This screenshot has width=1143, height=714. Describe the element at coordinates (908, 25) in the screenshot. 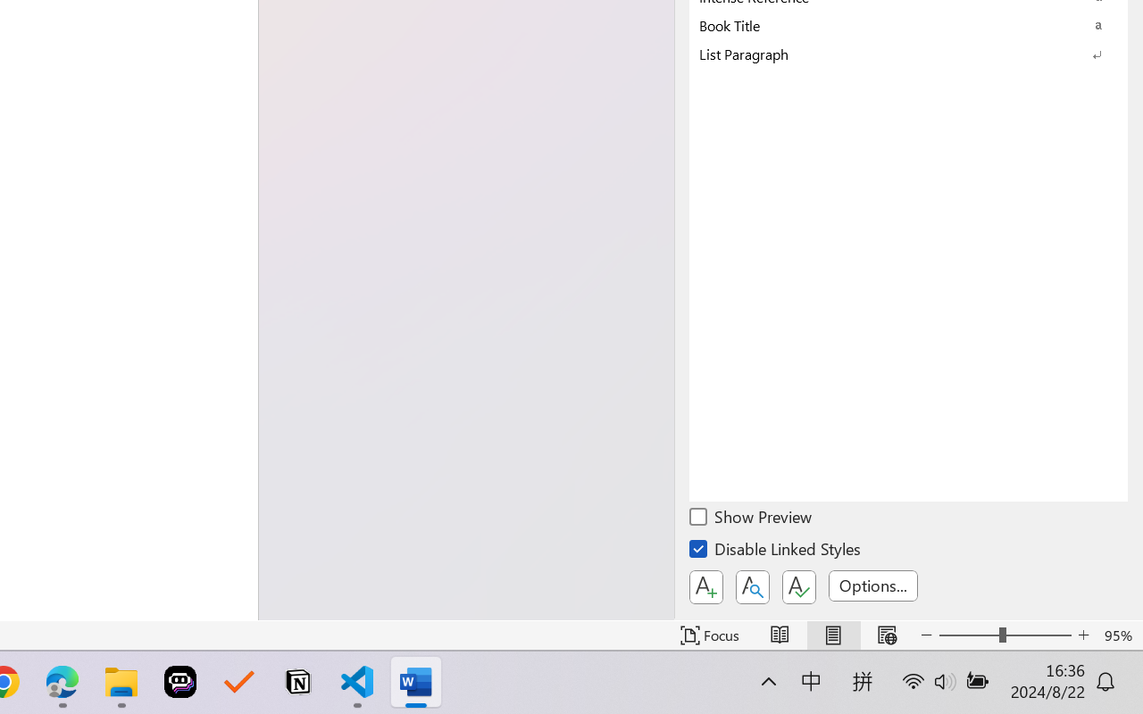

I see `'Book Title'` at that location.